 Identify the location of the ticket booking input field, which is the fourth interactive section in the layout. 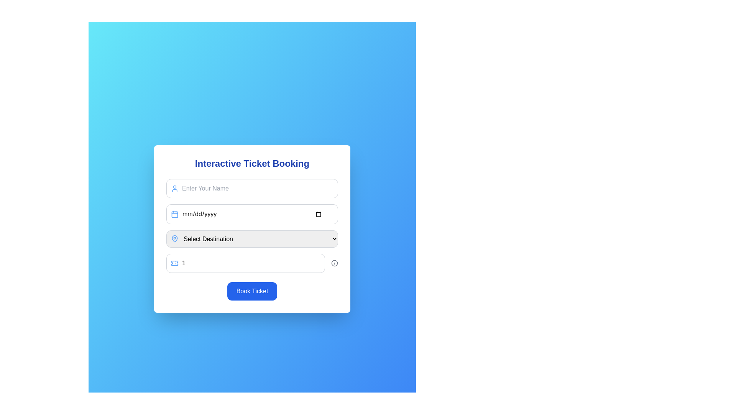
(252, 263).